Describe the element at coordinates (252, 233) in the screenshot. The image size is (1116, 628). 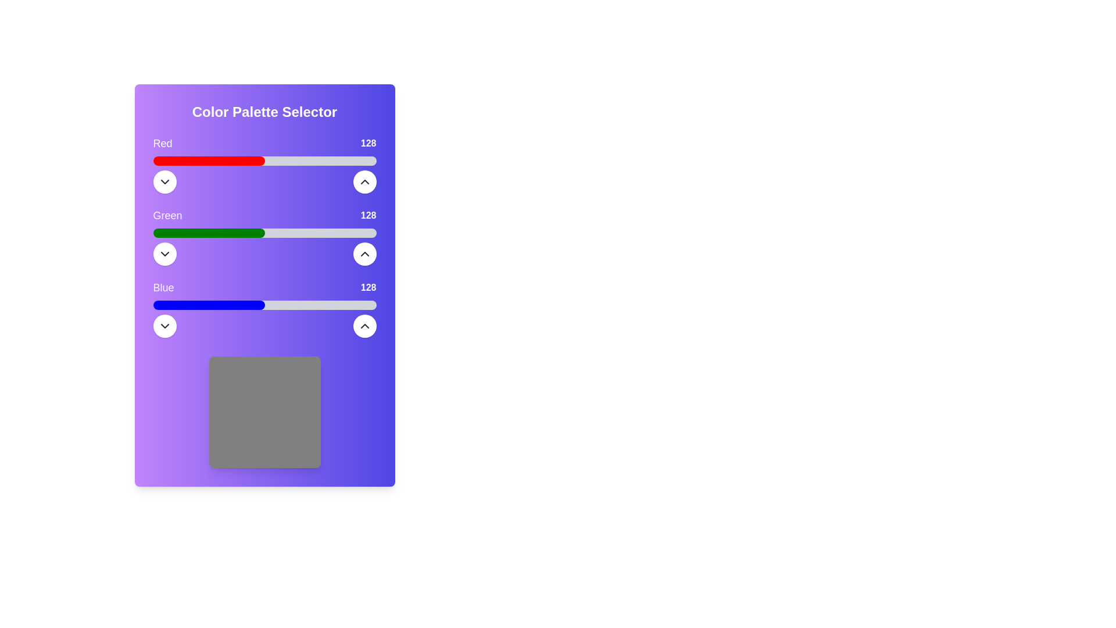
I see `the green color intensity` at that location.